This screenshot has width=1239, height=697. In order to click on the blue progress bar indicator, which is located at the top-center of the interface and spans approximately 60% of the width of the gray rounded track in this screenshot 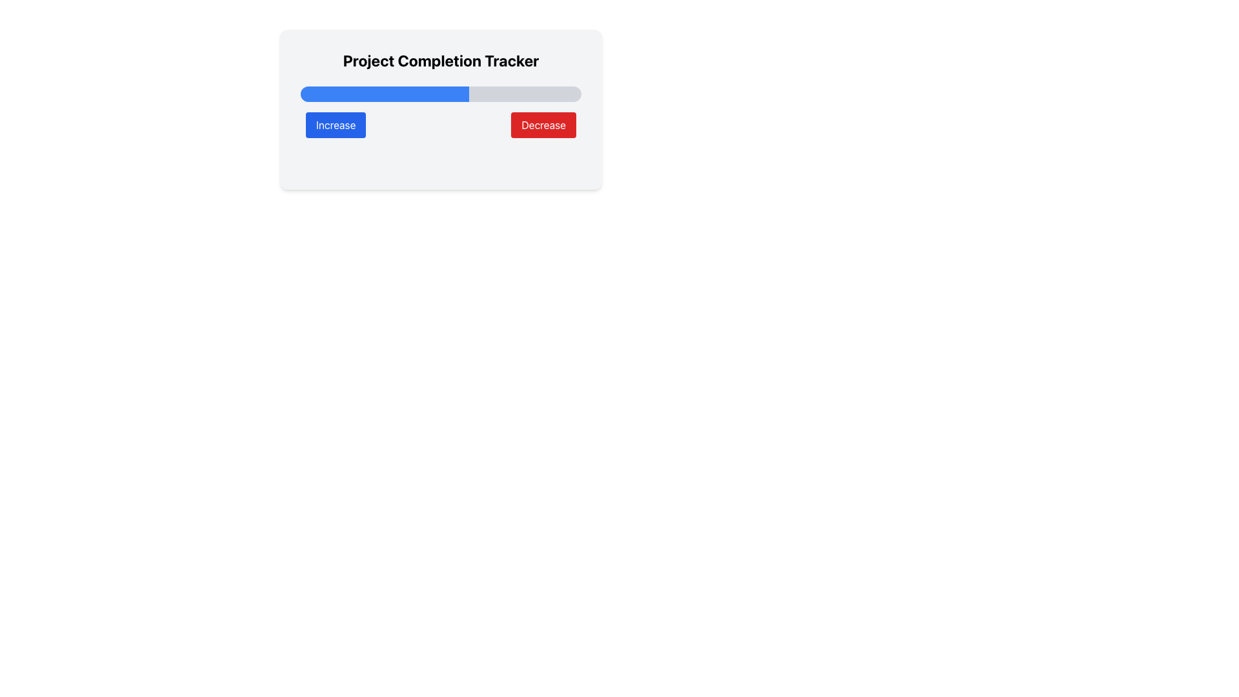, I will do `click(384, 94)`.